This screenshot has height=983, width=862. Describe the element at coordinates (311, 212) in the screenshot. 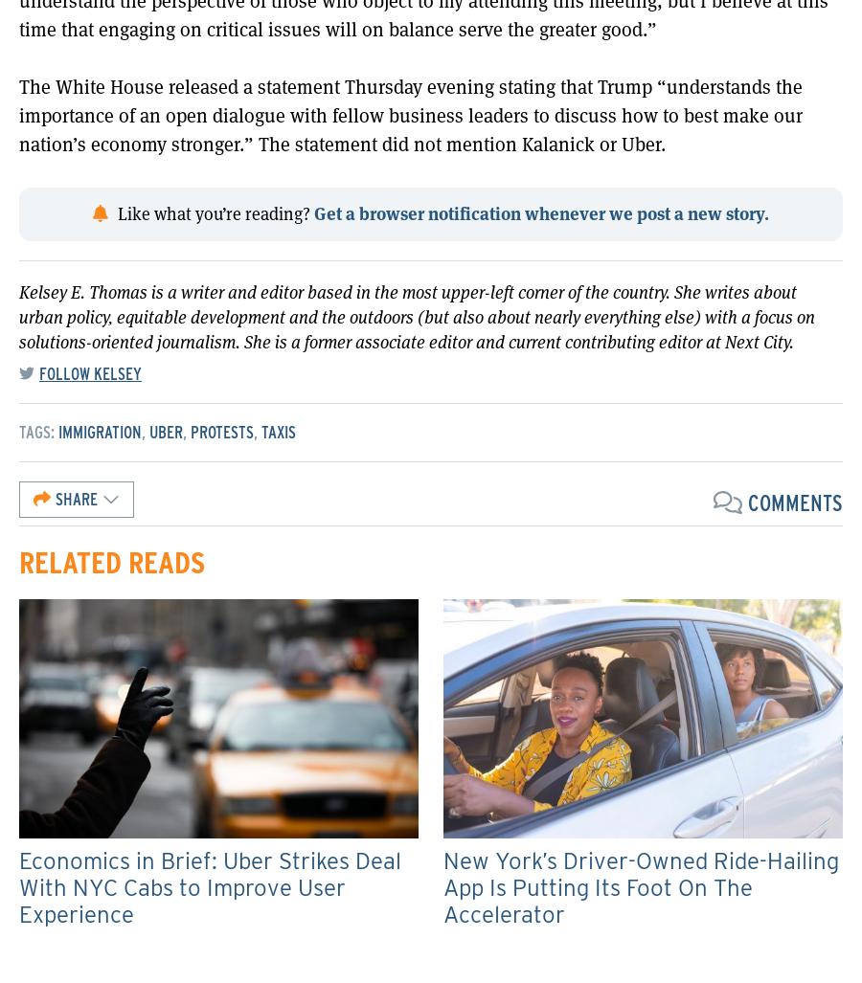

I see `'Get a browser notification whenever we post a new story.'` at that location.